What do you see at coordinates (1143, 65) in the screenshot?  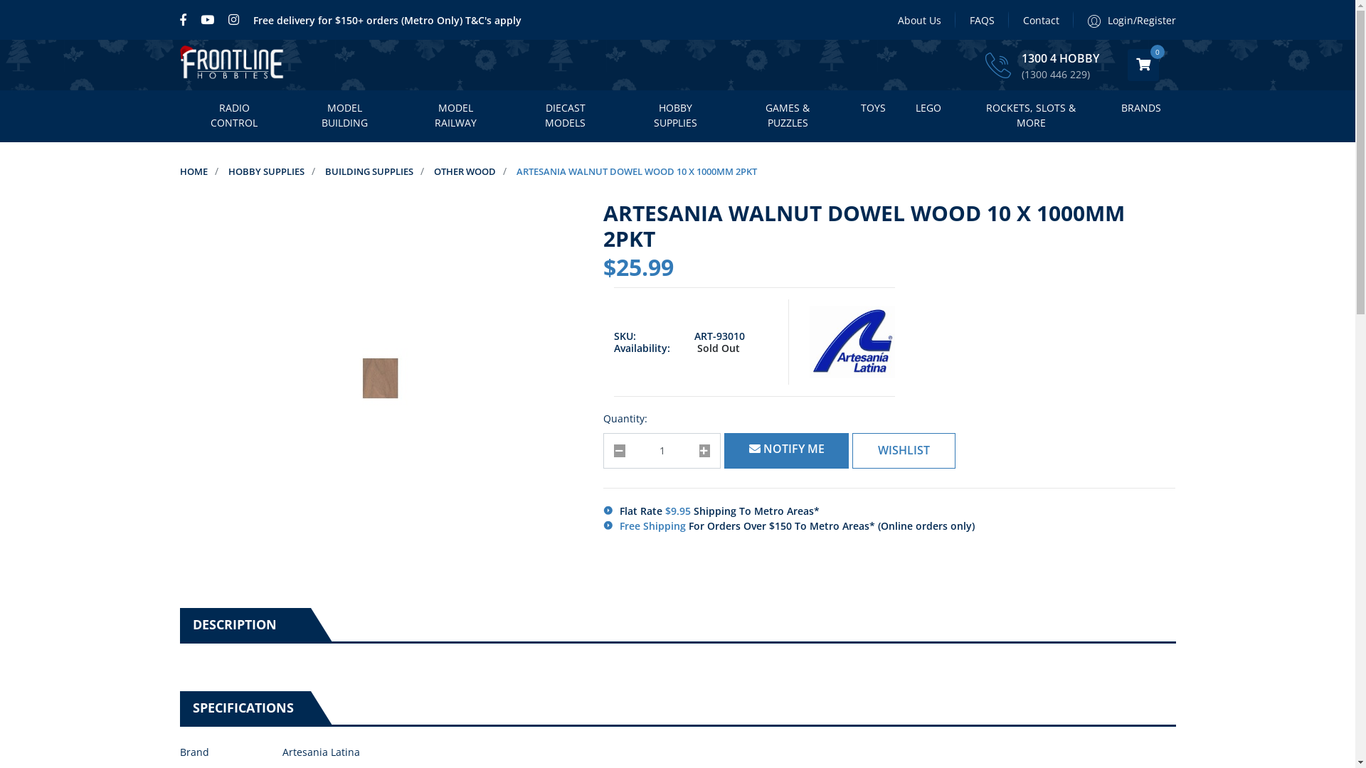 I see `'0'` at bounding box center [1143, 65].